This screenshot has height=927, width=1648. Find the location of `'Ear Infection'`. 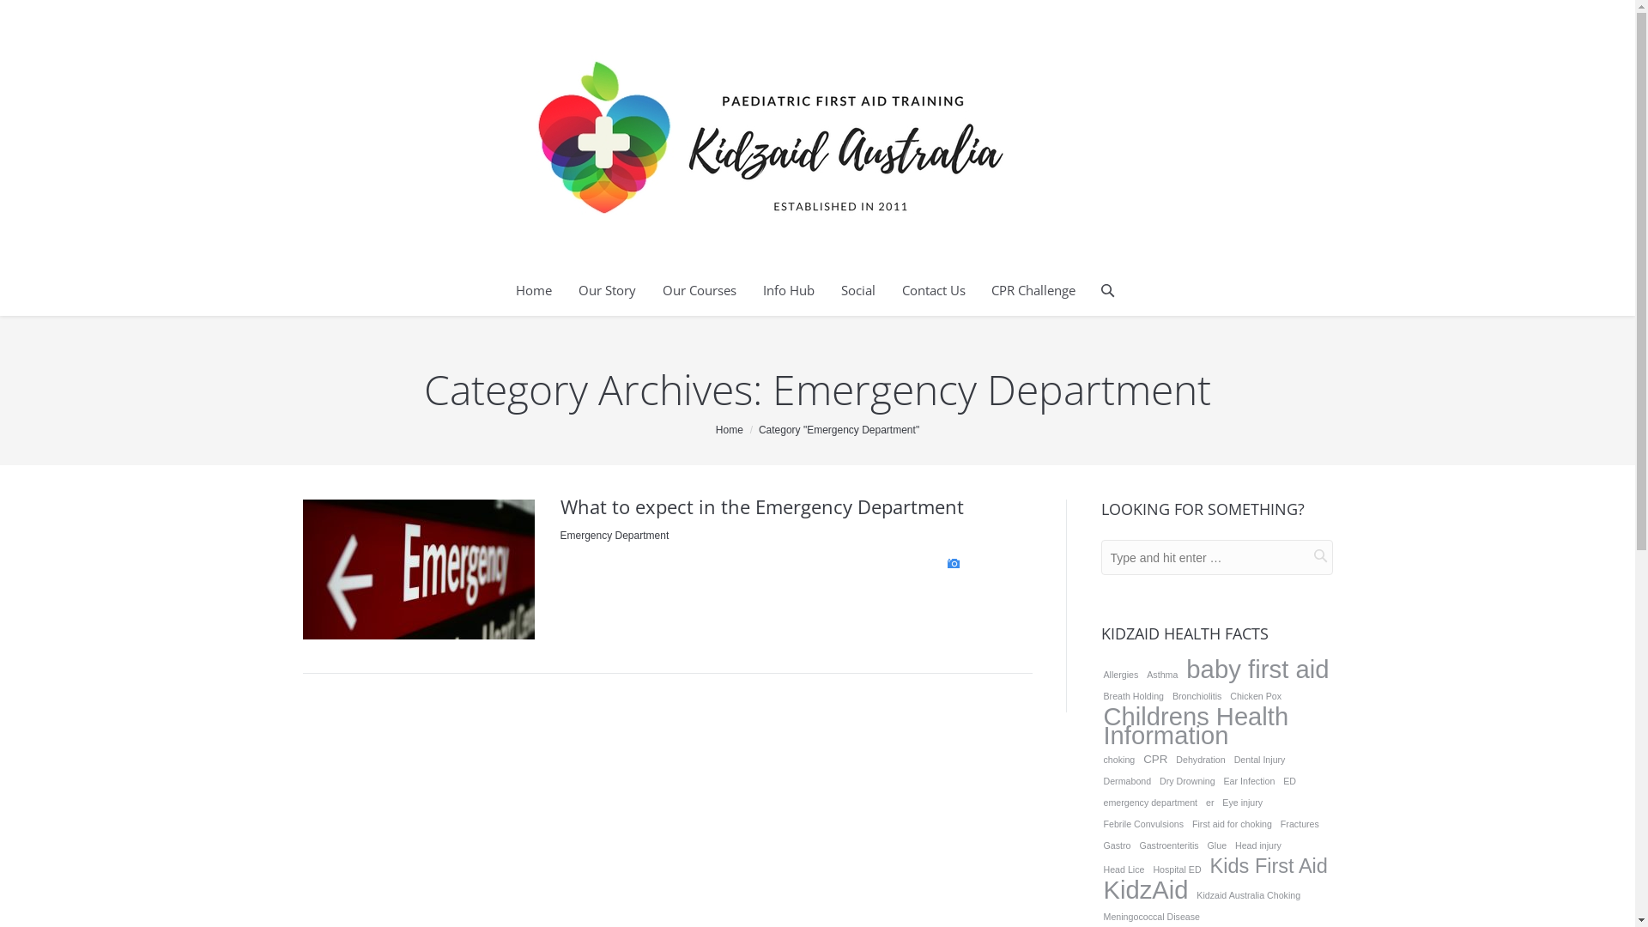

'Ear Infection' is located at coordinates (1220, 781).